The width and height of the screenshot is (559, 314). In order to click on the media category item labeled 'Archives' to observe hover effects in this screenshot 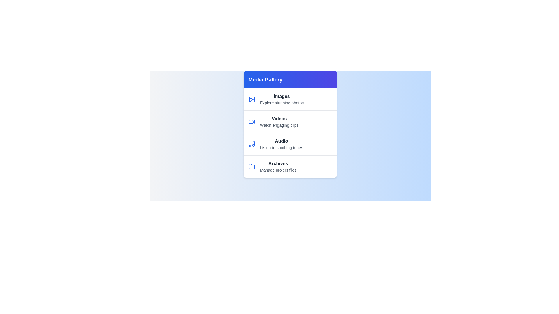, I will do `click(290, 166)`.